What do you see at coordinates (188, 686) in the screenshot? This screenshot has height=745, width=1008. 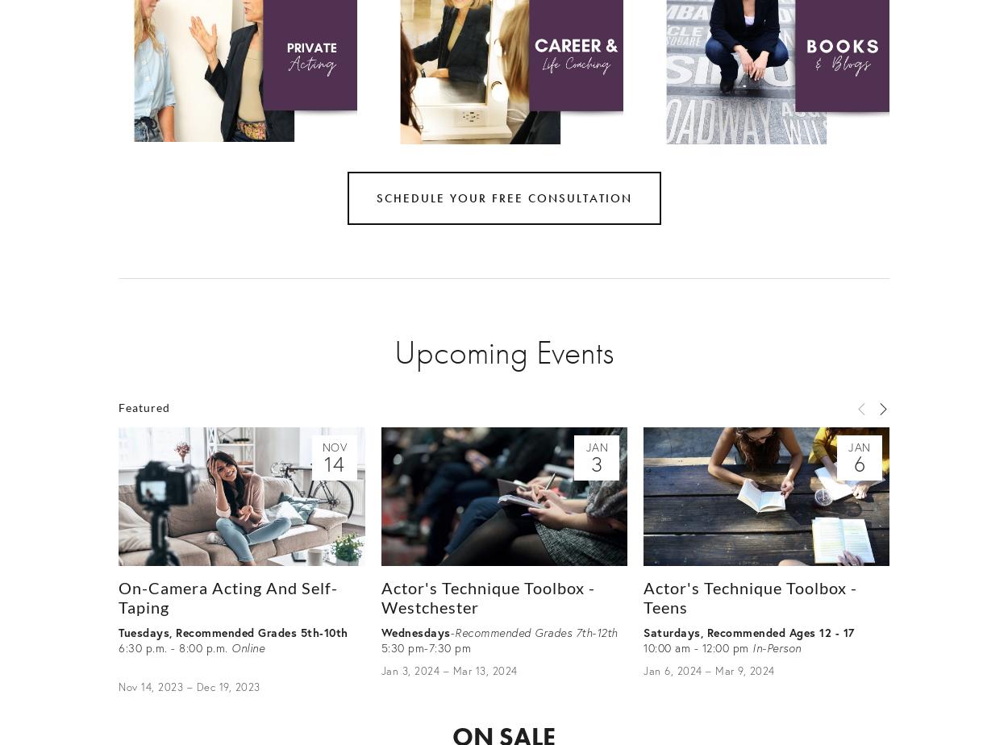 I see `'Nov 14, 2023 – Dec 19, 2023'` at bounding box center [188, 686].